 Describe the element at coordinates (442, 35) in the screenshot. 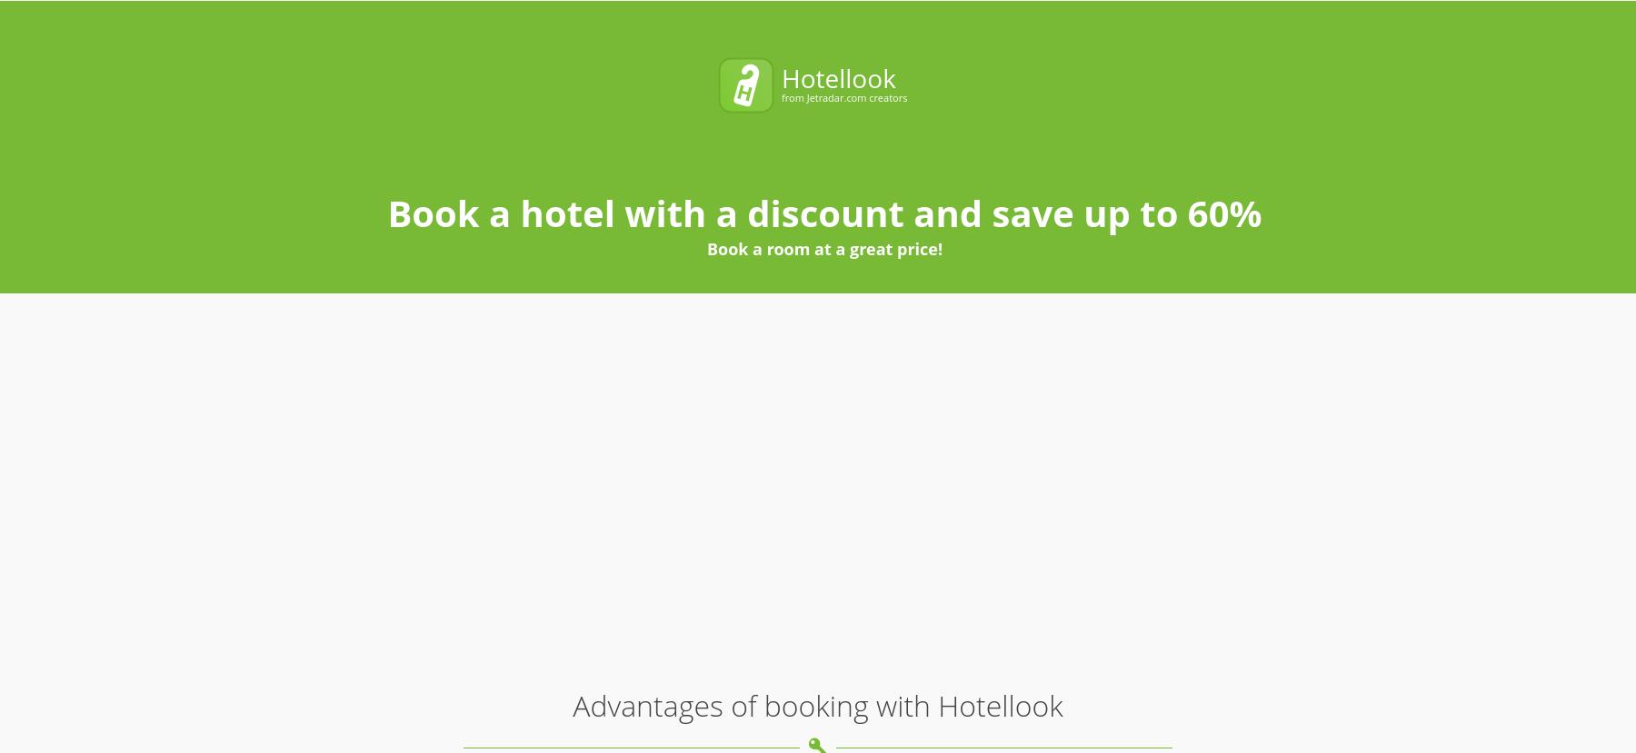

I see `'City or hotel name'` at that location.